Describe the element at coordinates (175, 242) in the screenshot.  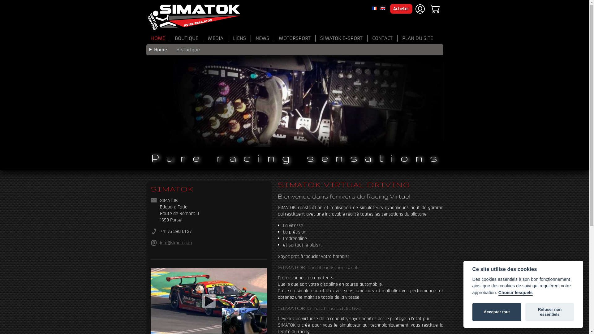
I see `'info@simatok.ch'` at that location.